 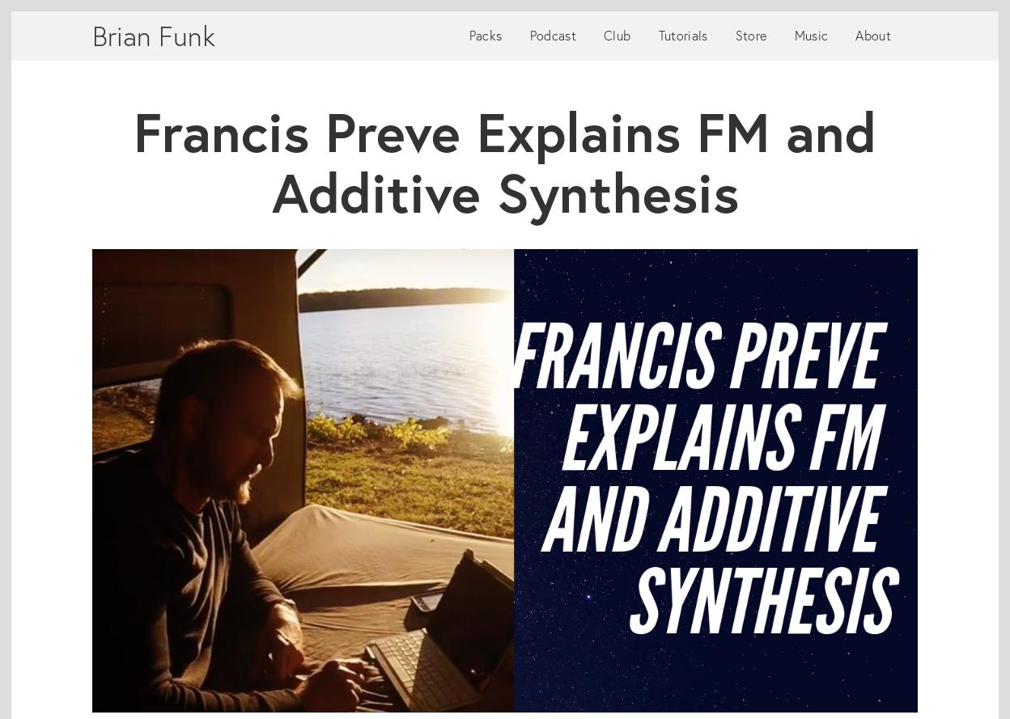 What do you see at coordinates (617, 35) in the screenshot?
I see `'Club'` at bounding box center [617, 35].